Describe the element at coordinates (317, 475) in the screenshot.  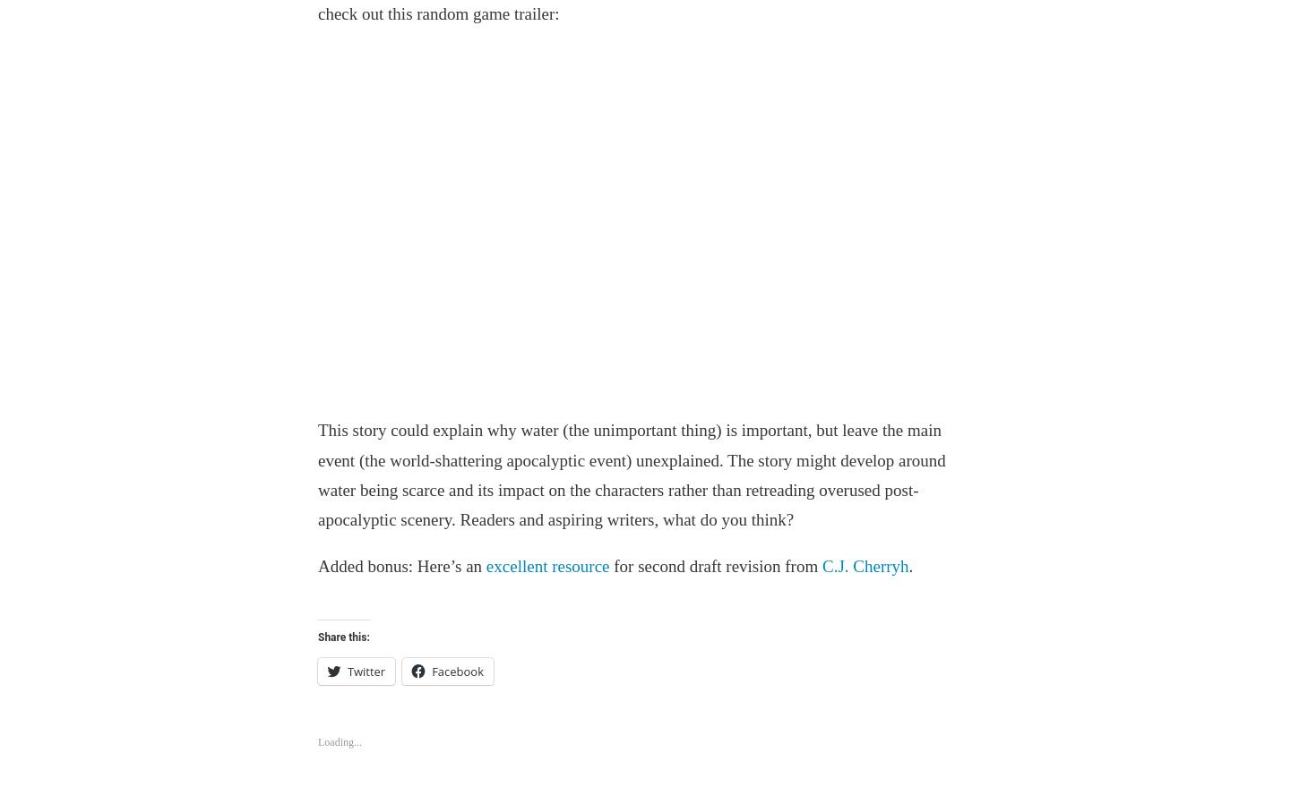
I see `'This story could explain why water (the unimportant thing) is important, but leave the main event (the world-shattering apocalyptic event) unexplained. The story might develop around water being scarce and its impact on the characters rather than retreading overused post-apocalyptic scenery. Readers and aspiring writers, what do you think?'` at that location.